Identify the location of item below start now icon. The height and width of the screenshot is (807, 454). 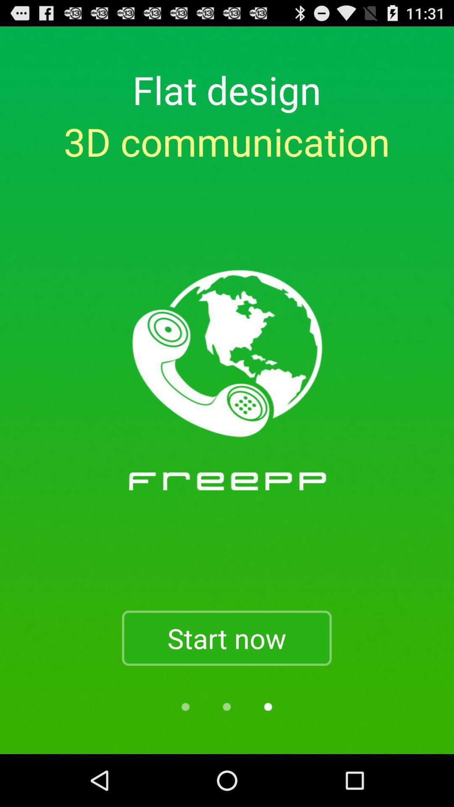
(185, 706).